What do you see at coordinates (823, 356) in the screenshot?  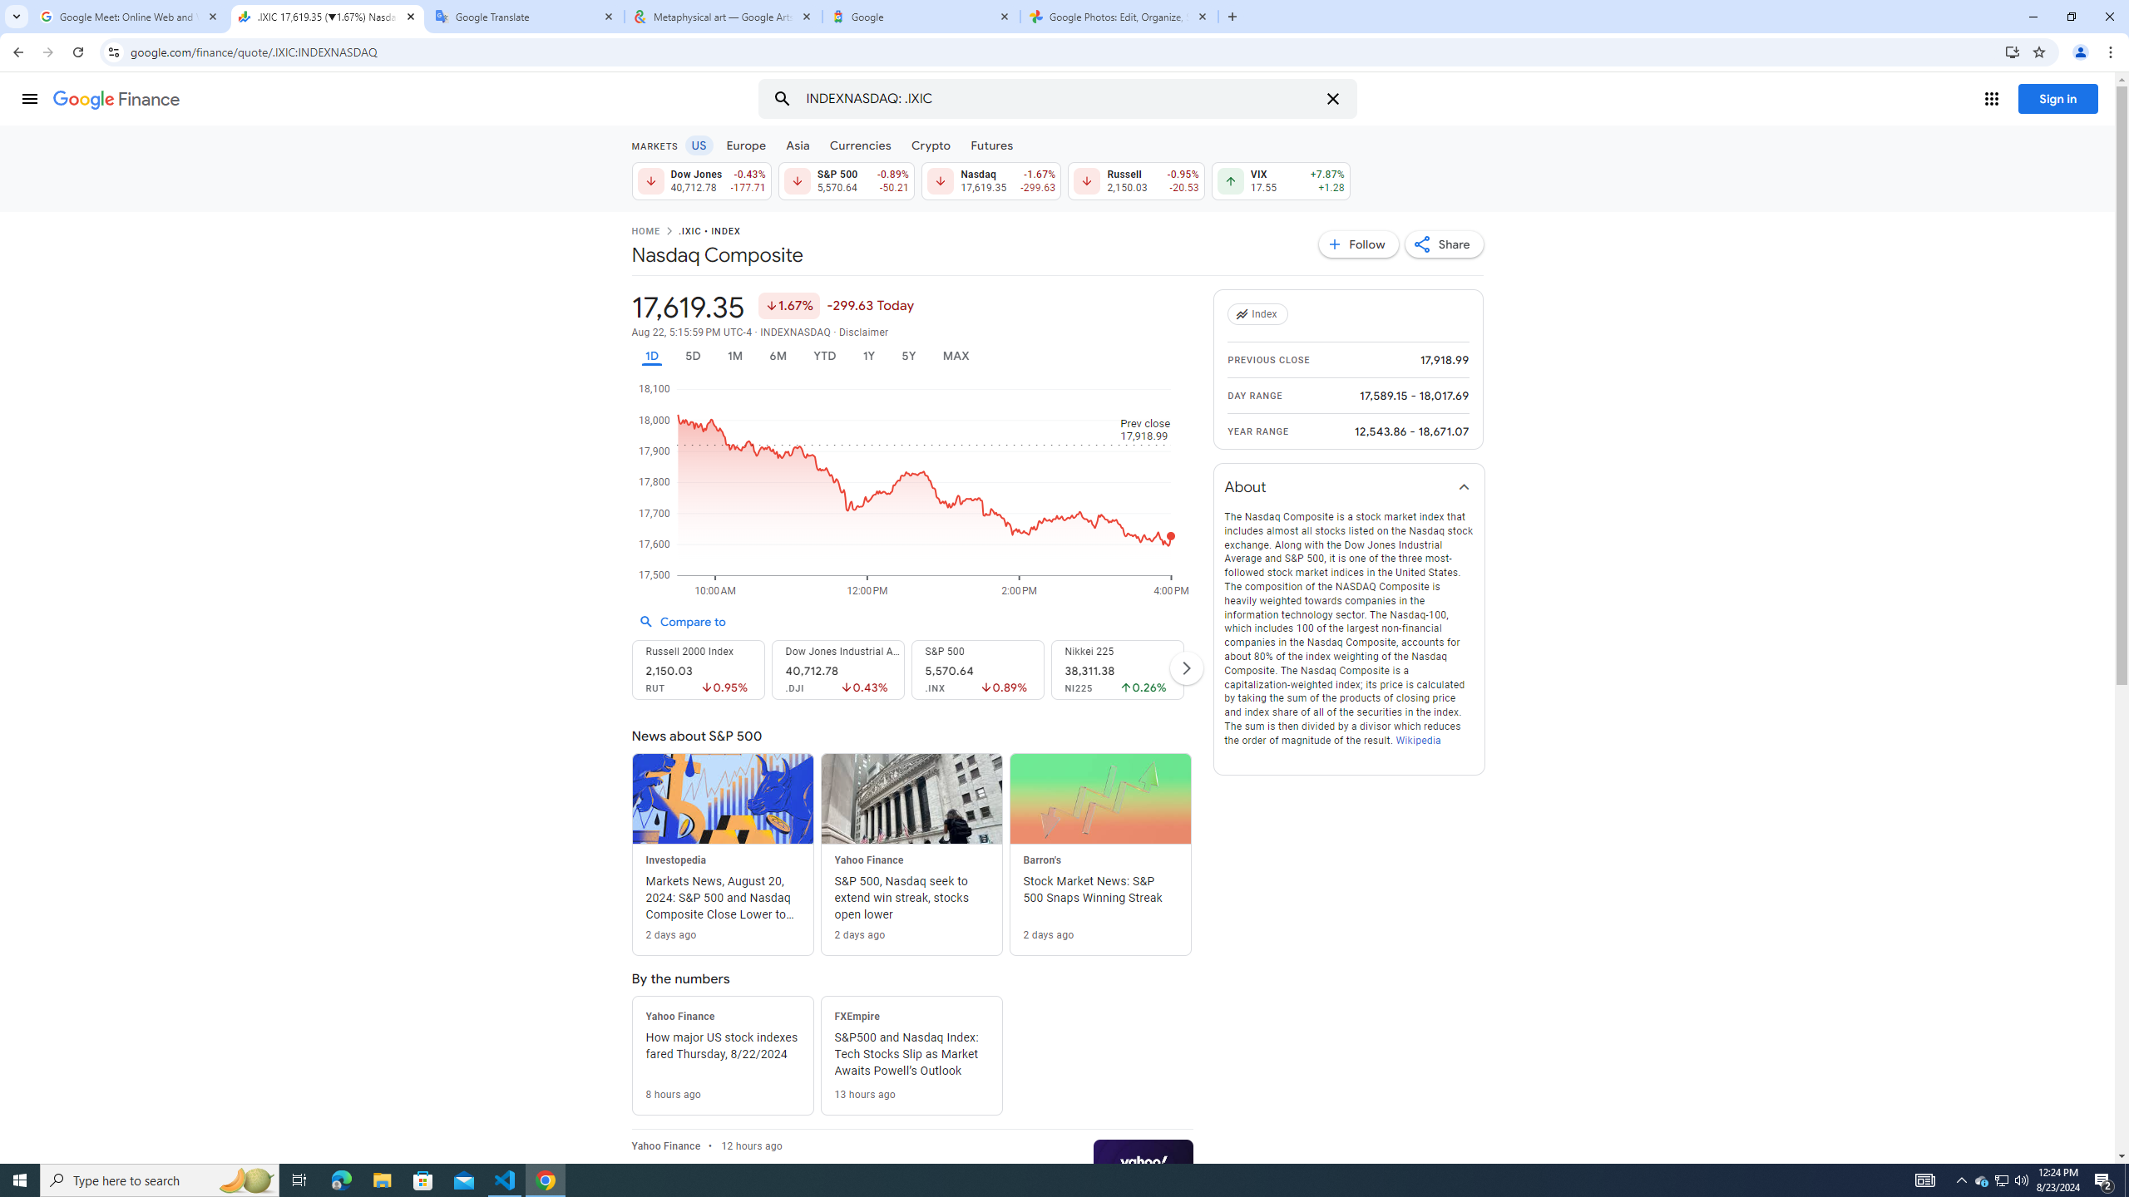 I see `'YTD'` at bounding box center [823, 356].